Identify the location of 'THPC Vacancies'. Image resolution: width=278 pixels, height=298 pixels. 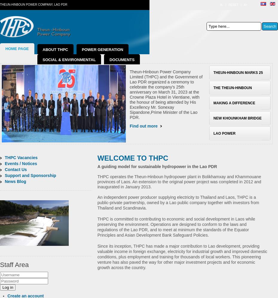
(4, 158).